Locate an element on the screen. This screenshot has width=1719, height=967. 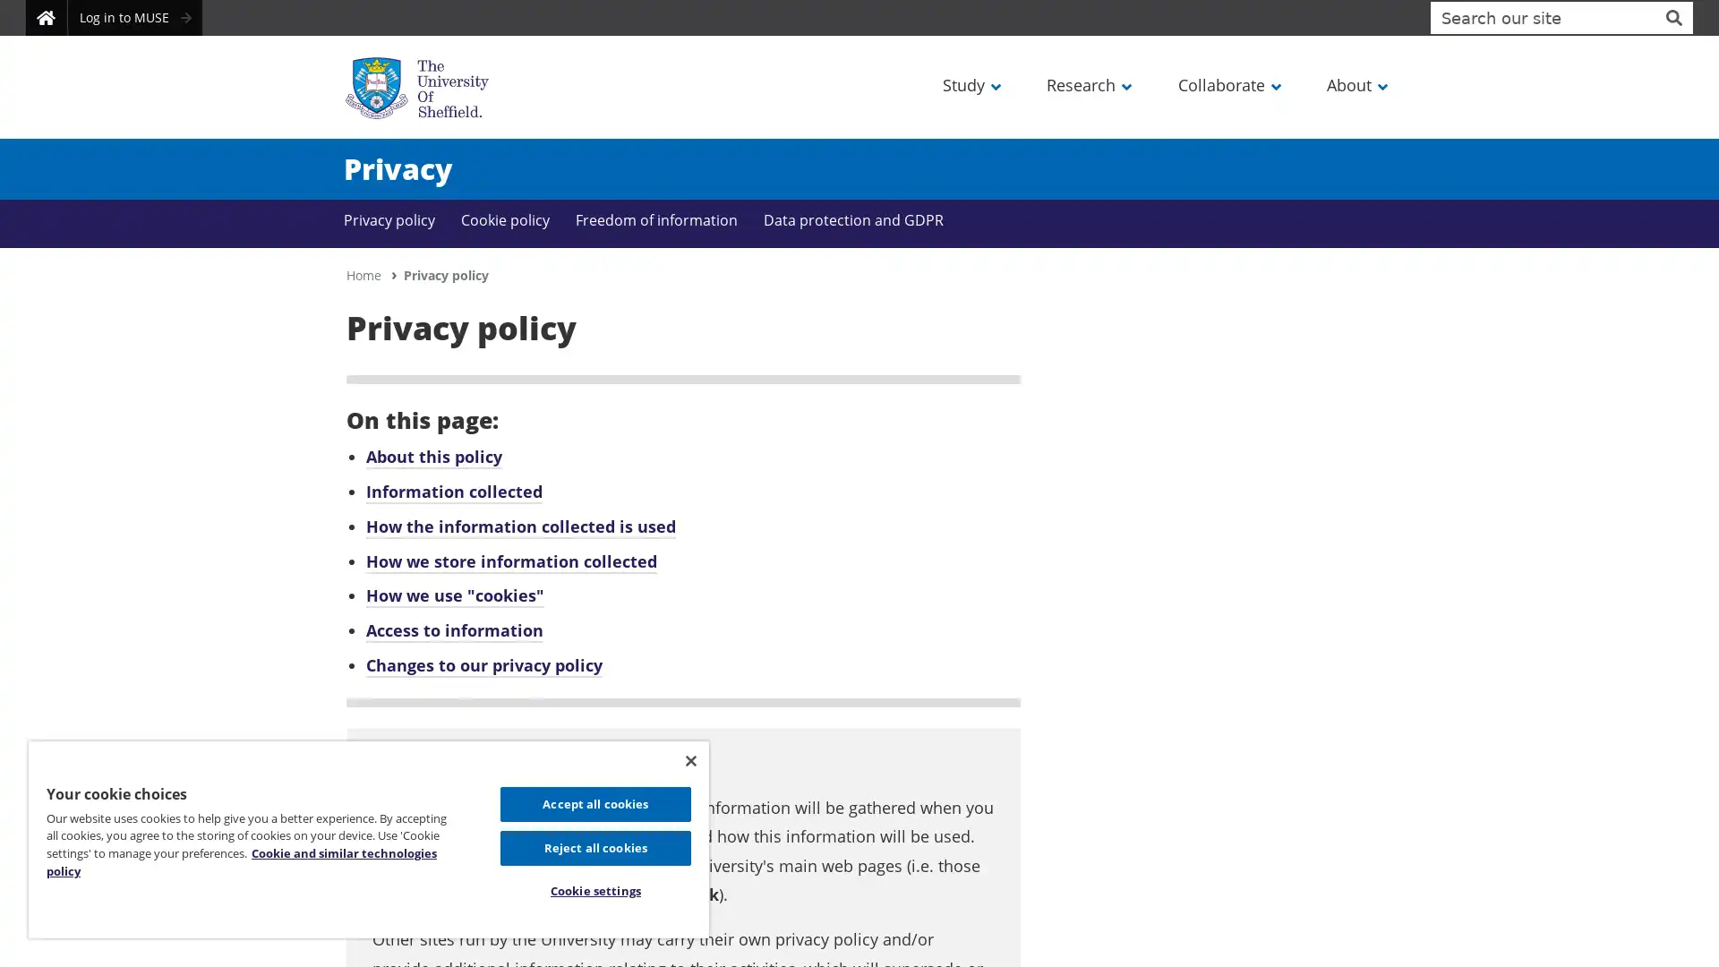
About is located at coordinates (1355, 84).